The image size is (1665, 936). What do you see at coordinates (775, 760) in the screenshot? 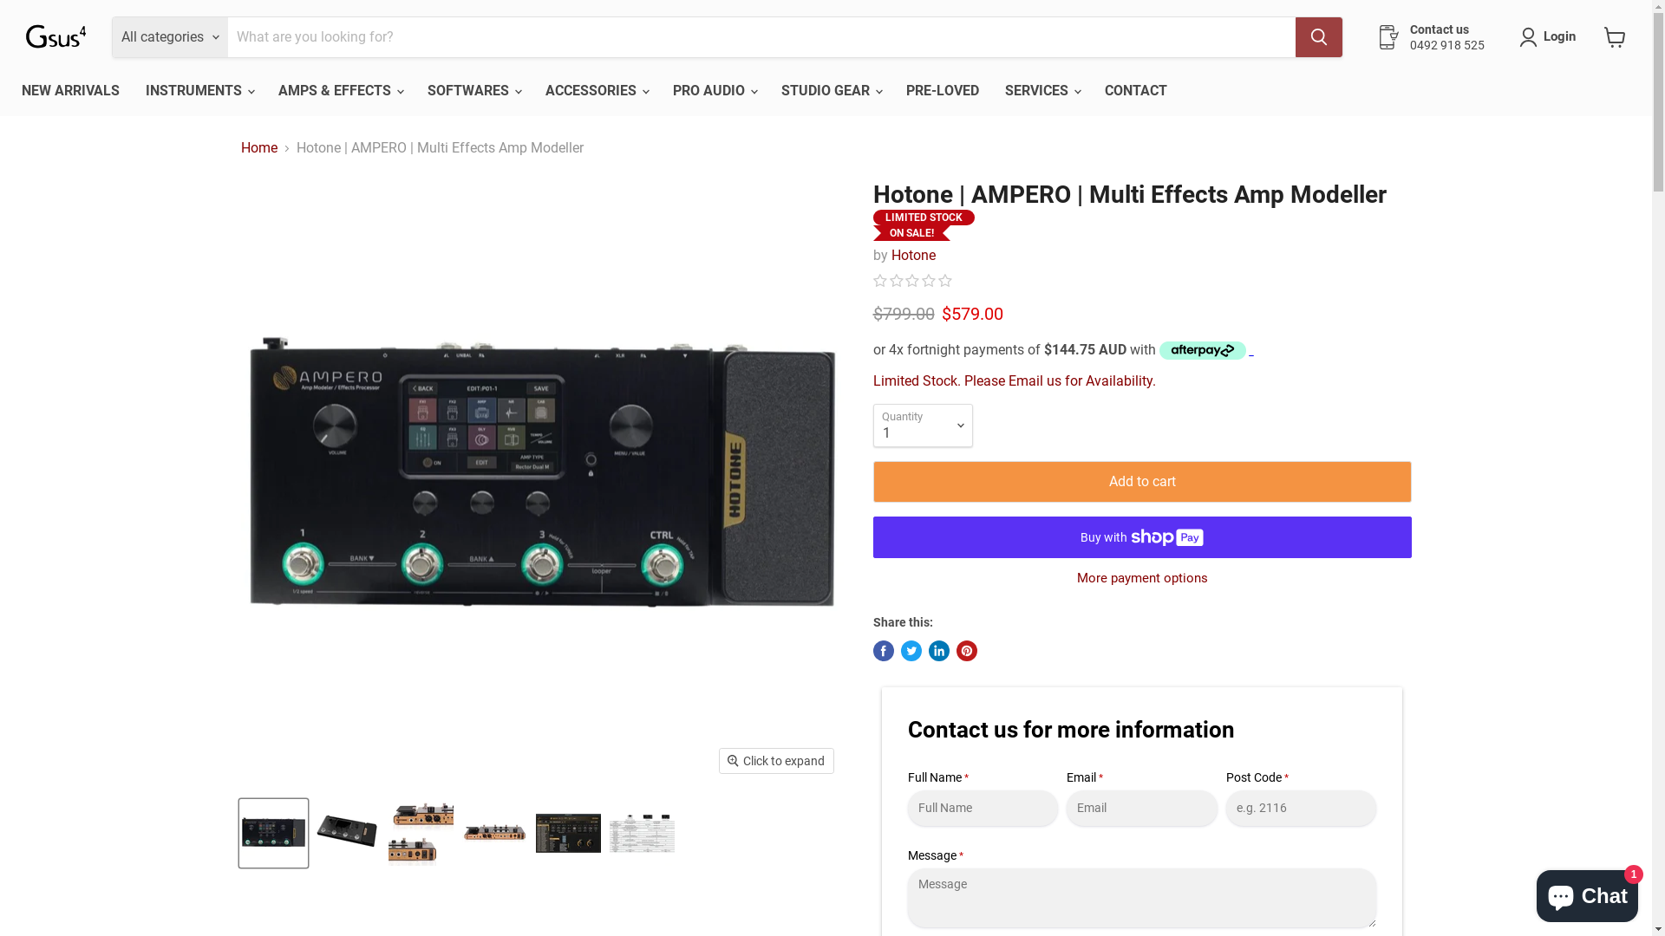
I see `'Click to expand'` at bounding box center [775, 760].